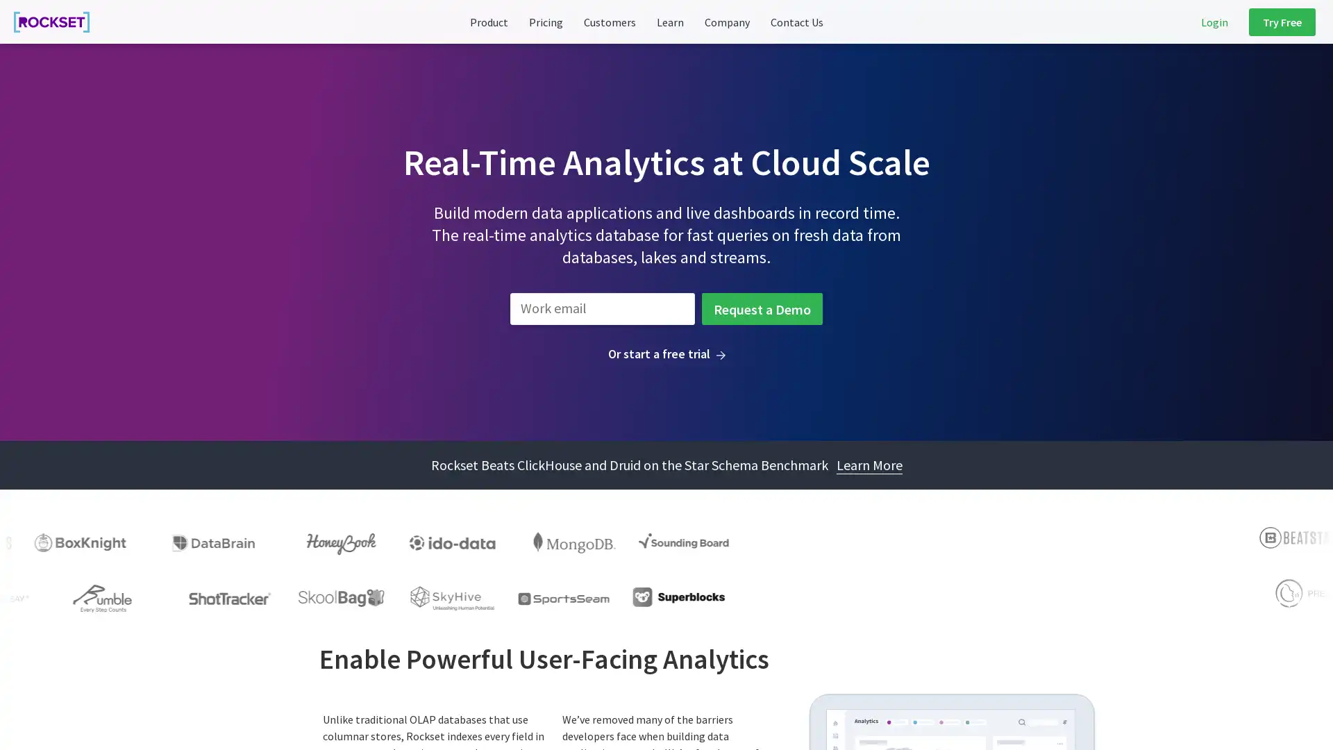 This screenshot has height=750, width=1333. What do you see at coordinates (1282, 21) in the screenshot?
I see `Try Free` at bounding box center [1282, 21].